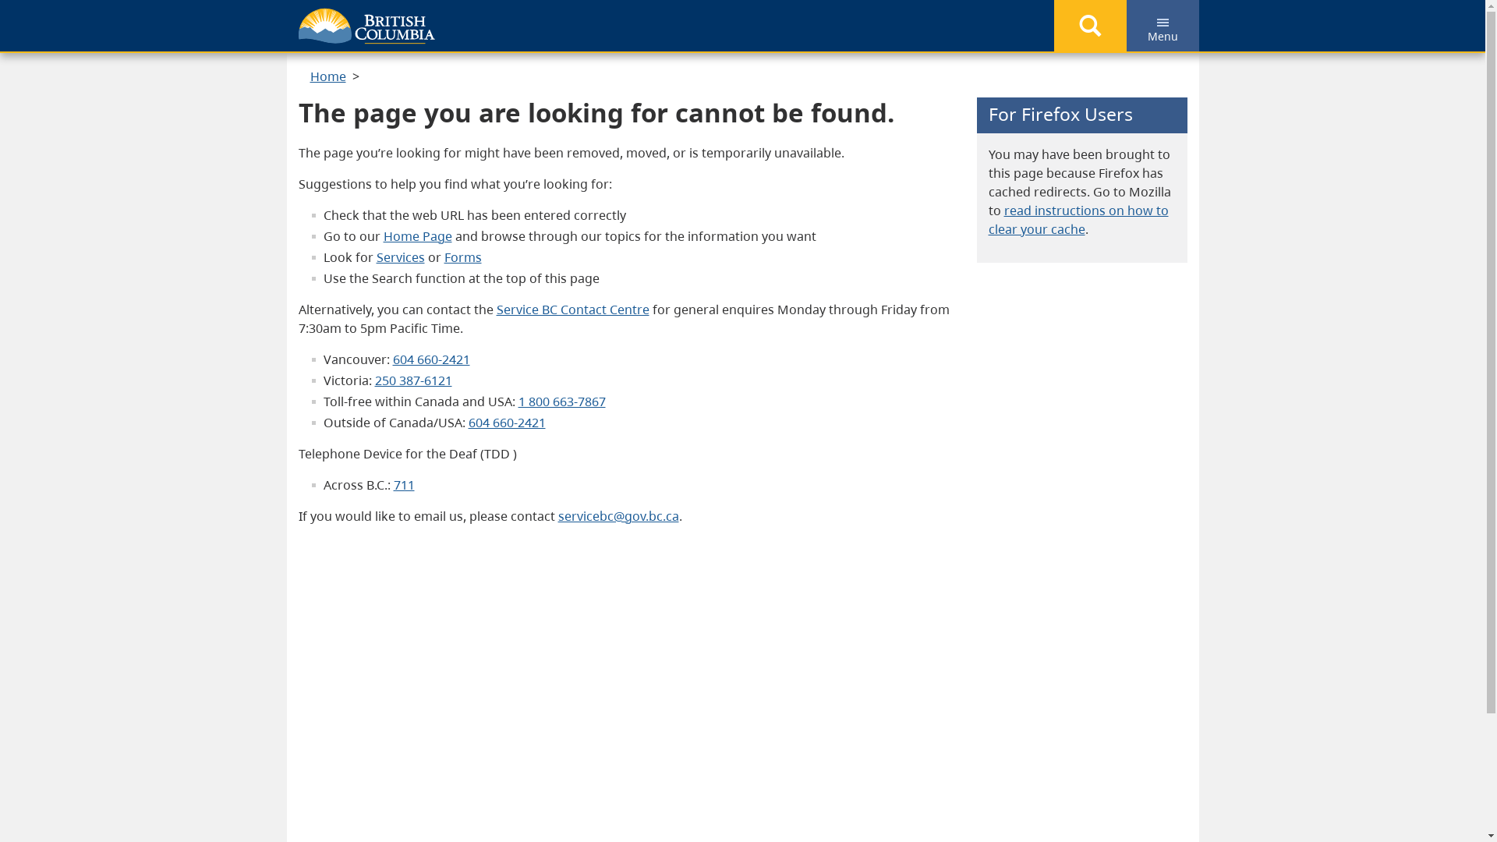 The width and height of the screenshot is (1497, 842). Describe the element at coordinates (375, 256) in the screenshot. I see `'Services'` at that location.